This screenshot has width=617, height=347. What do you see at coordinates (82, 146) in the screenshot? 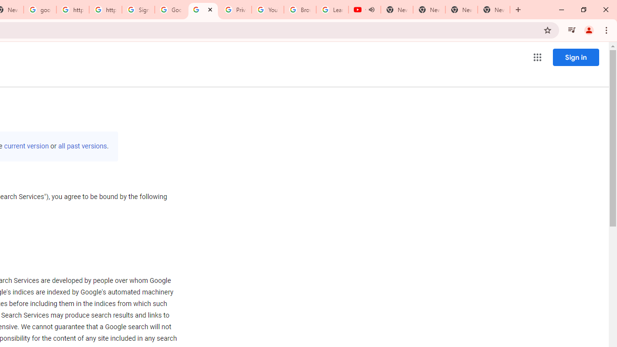
I see `'all past versions'` at bounding box center [82, 146].